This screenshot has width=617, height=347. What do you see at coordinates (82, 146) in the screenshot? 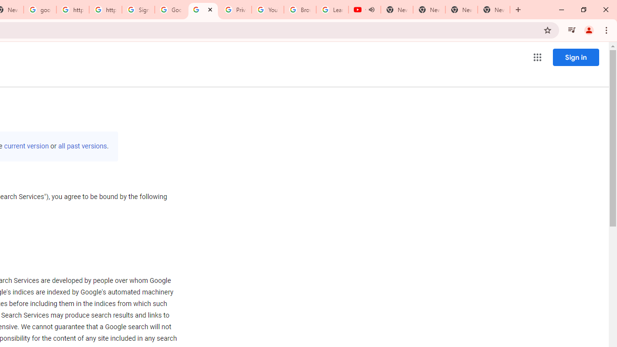
I see `'all past versions'` at bounding box center [82, 146].